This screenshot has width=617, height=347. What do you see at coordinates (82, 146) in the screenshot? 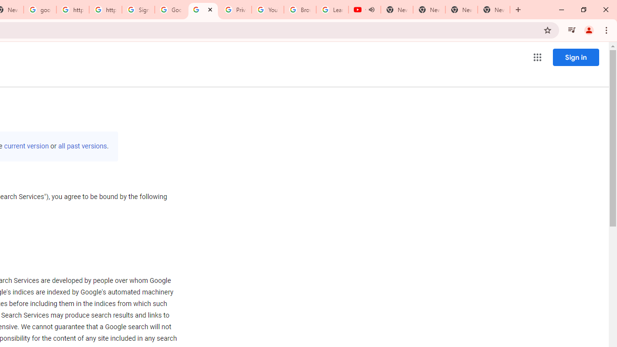
I see `'all past versions'` at bounding box center [82, 146].